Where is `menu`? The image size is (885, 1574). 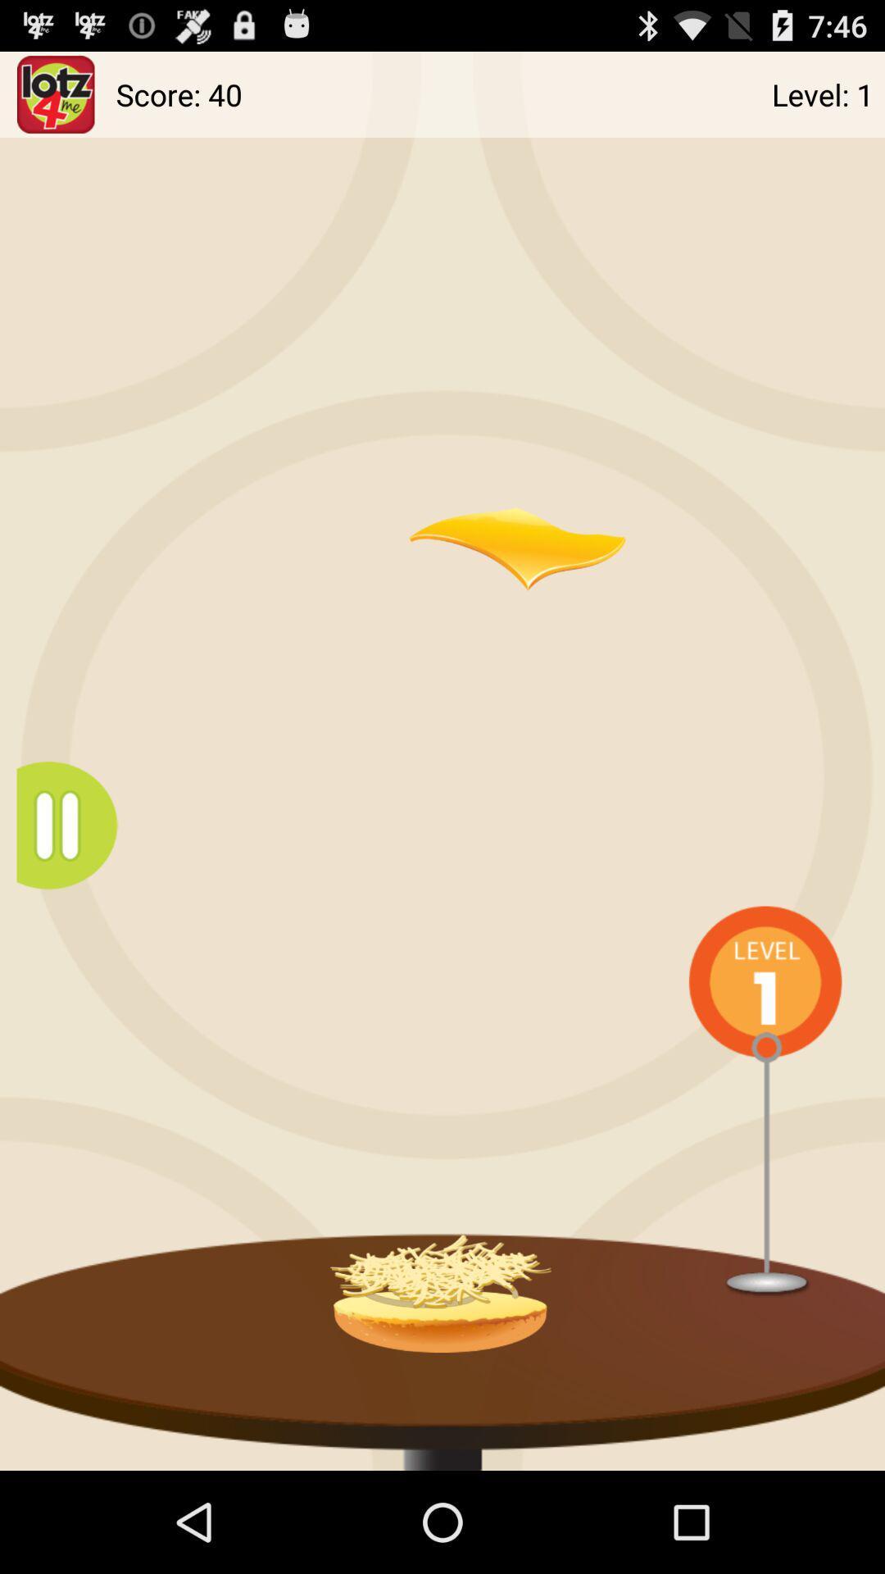
menu is located at coordinates (75, 826).